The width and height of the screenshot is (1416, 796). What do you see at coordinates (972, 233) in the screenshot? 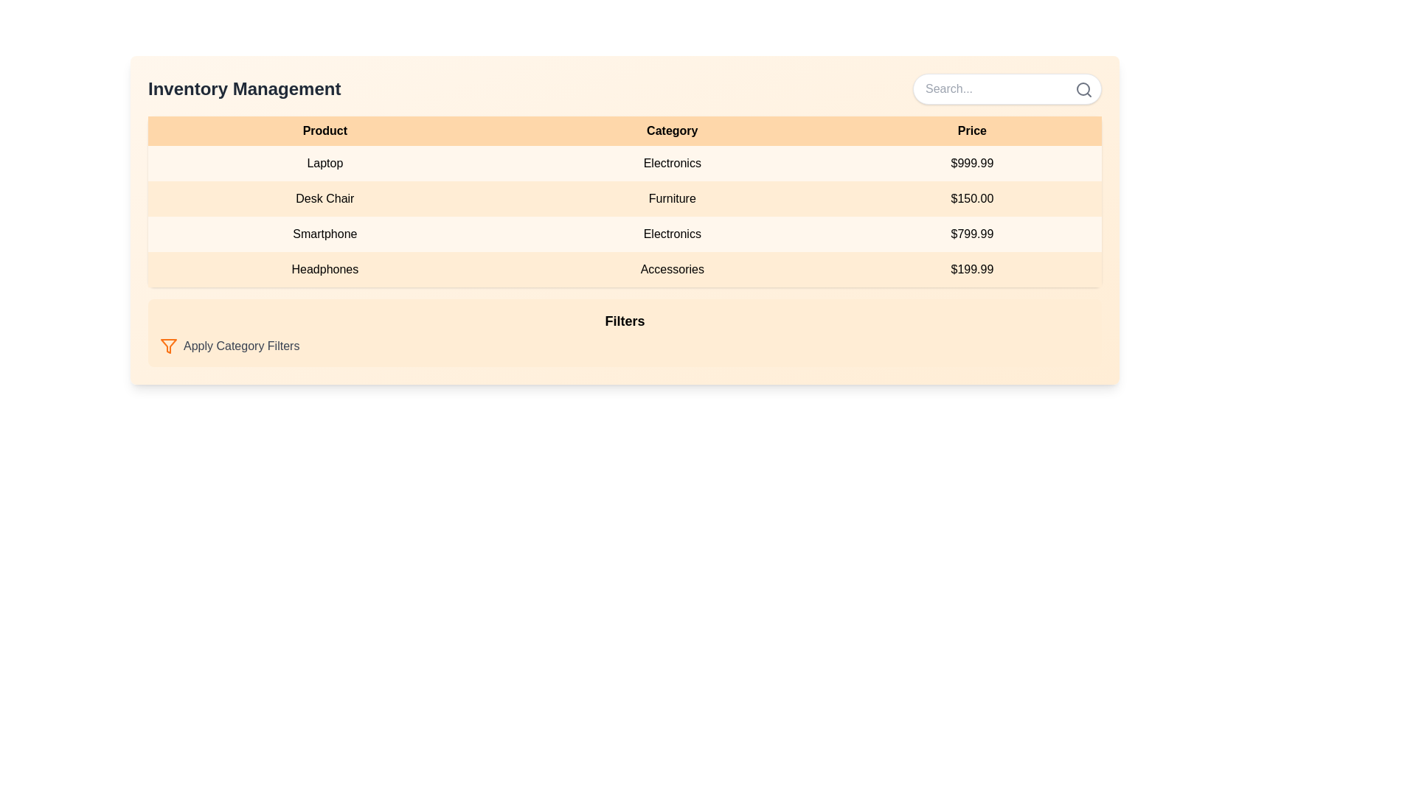
I see `the Static text element displaying the price '$799.99' which is located in the rightmost column of the table under the heading 'Price' in the third row corresponding to the 'Smartphone' product` at bounding box center [972, 233].